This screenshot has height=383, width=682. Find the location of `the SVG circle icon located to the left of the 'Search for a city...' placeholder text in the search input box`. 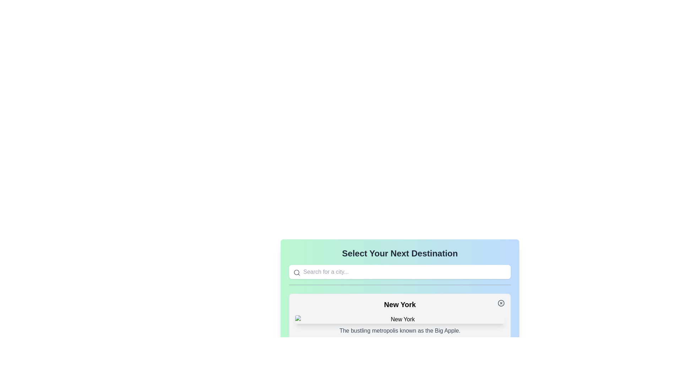

the SVG circle icon located to the left of the 'Search for a city...' placeholder text in the search input box is located at coordinates (297, 272).